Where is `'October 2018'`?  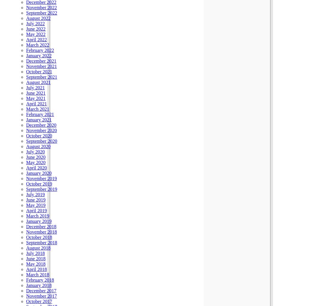 'October 2018' is located at coordinates (39, 237).